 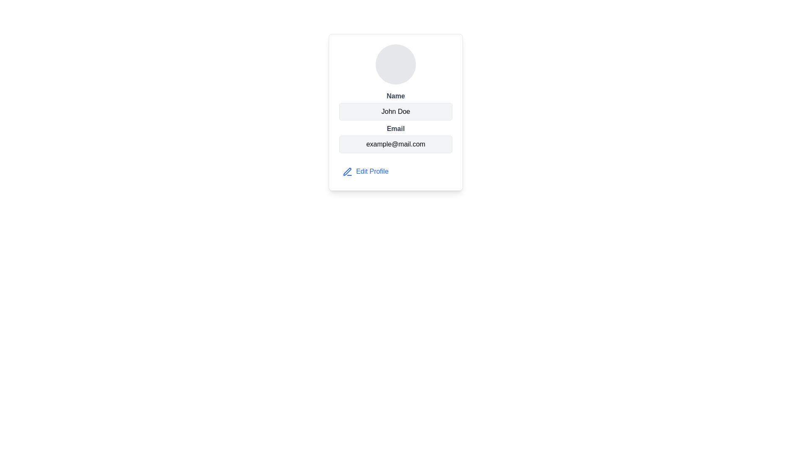 I want to click on the static text box displaying the user's email address located below the 'Email' label in the profile card layout, so click(x=395, y=144).